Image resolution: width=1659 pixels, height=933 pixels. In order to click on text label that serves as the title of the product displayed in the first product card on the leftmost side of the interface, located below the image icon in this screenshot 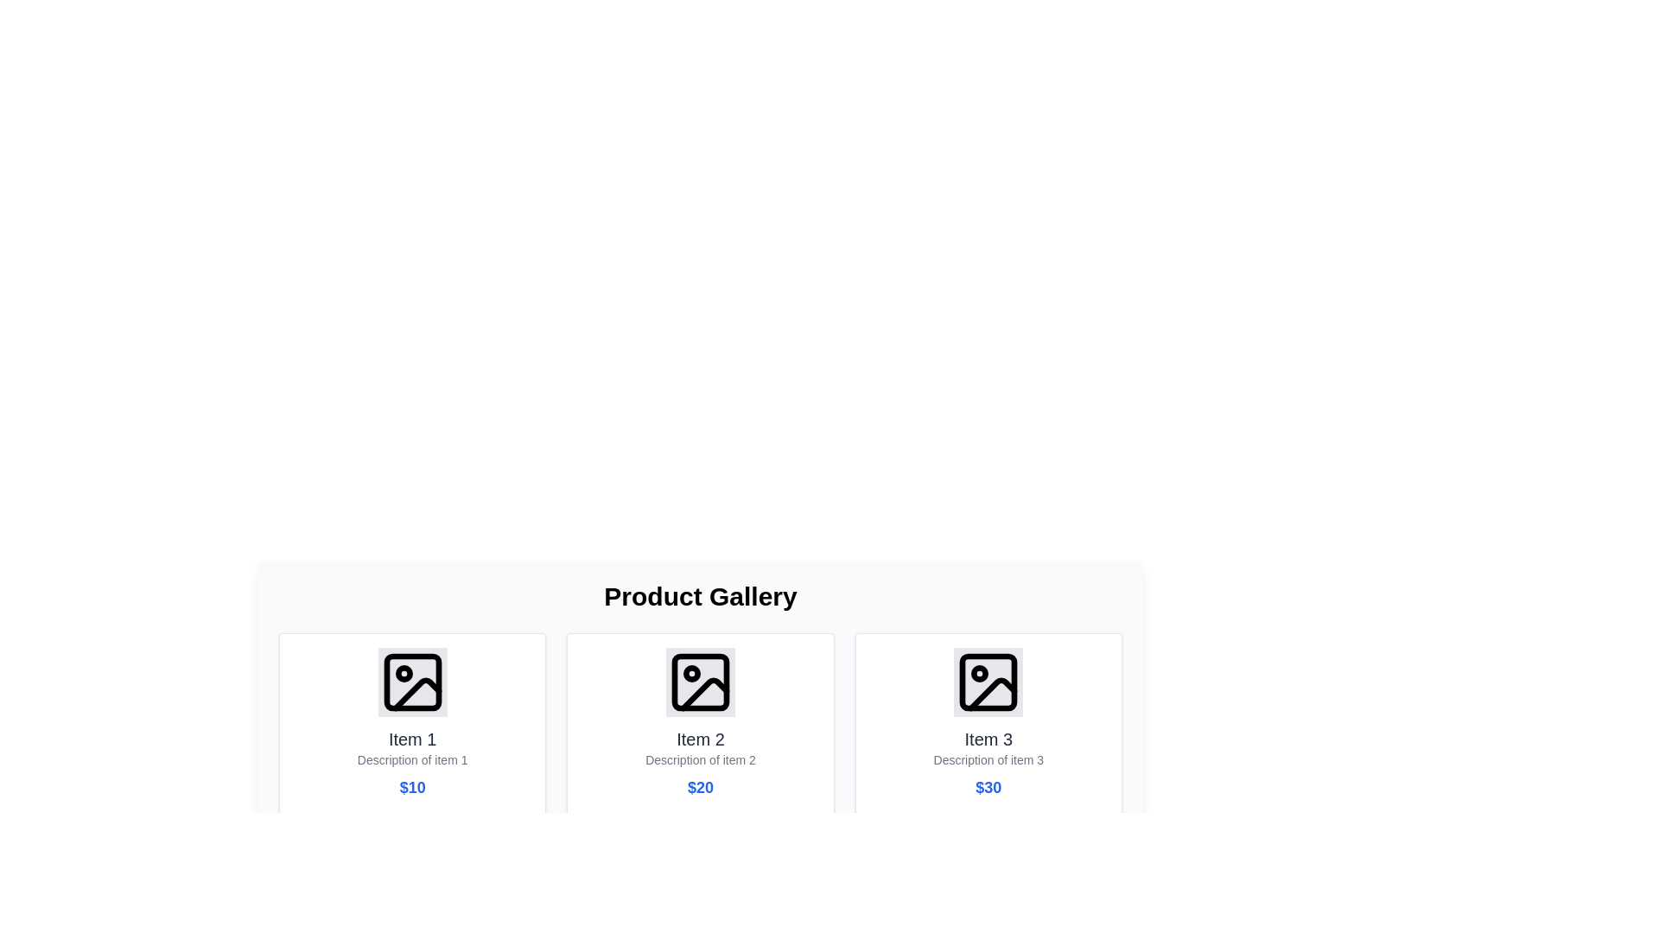, I will do `click(411, 739)`.